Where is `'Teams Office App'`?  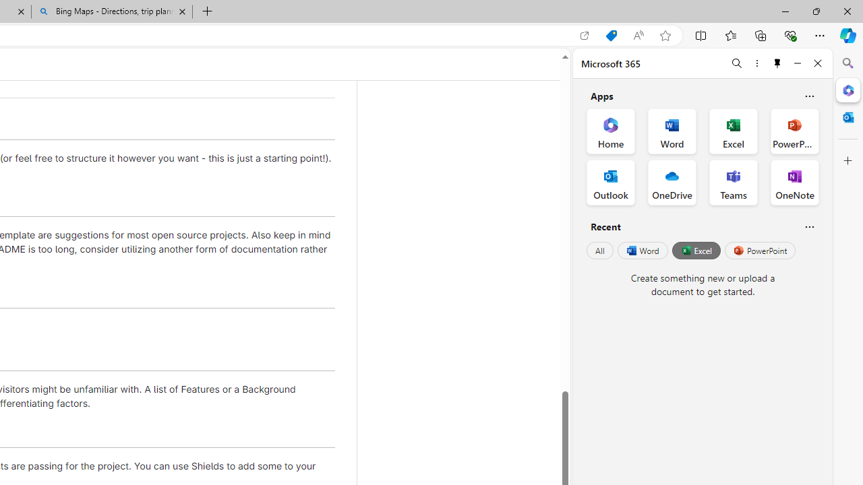 'Teams Office App' is located at coordinates (733, 183).